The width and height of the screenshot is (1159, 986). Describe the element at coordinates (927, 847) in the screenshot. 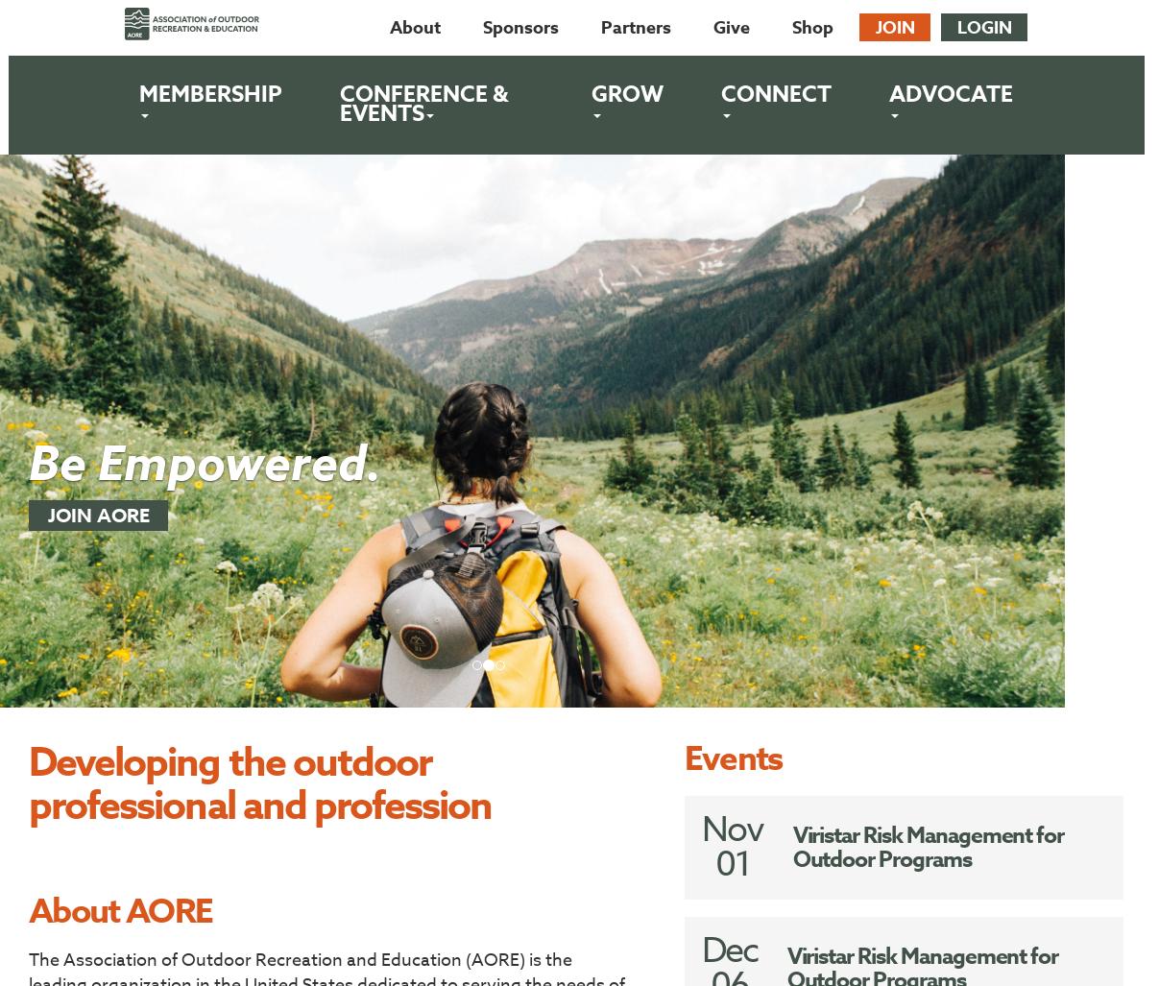

I see `'Viristar Risk Management for Outdoor Programs'` at that location.